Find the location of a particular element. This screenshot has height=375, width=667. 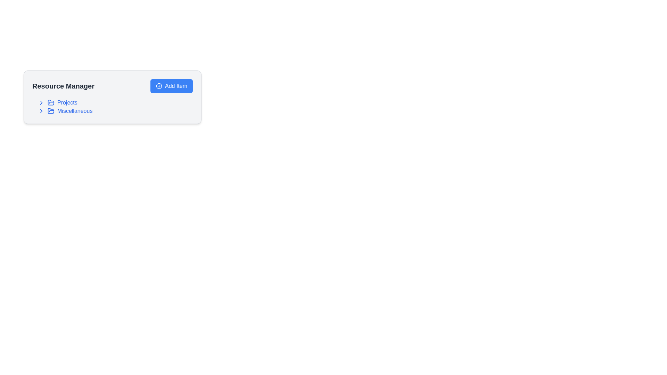

the blue text label reading 'Projects' located in the 'Resource Manager' menu is located at coordinates (67, 103).